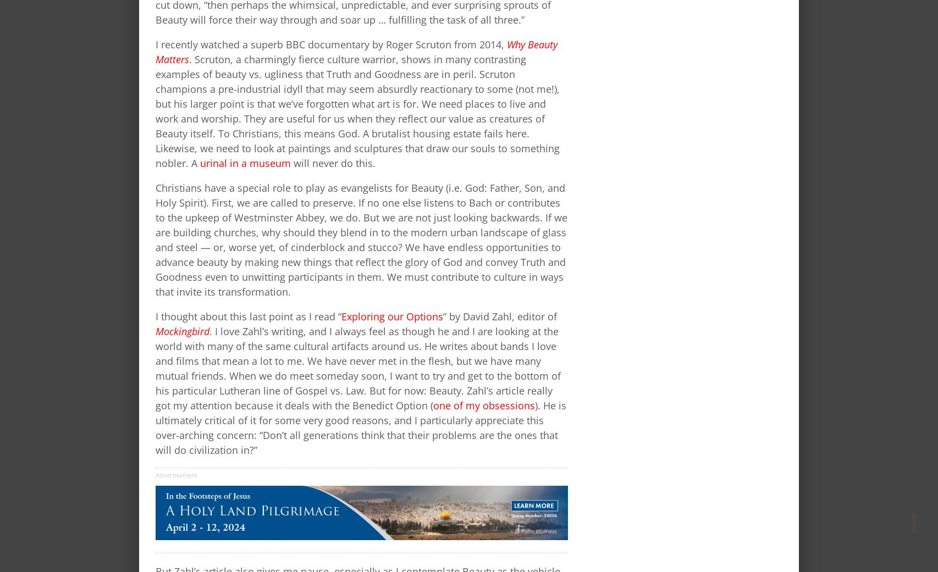 The width and height of the screenshot is (938, 572). Describe the element at coordinates (182, 331) in the screenshot. I see `'Mockingbird'` at that location.